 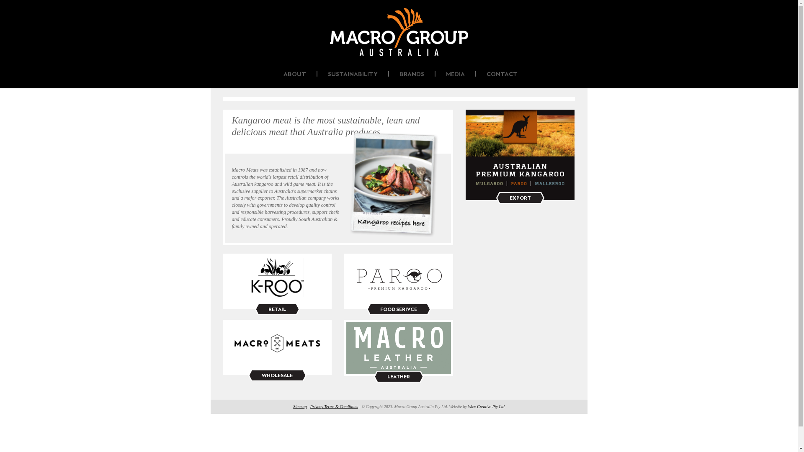 I want to click on 'BRANDS', so click(x=412, y=74).